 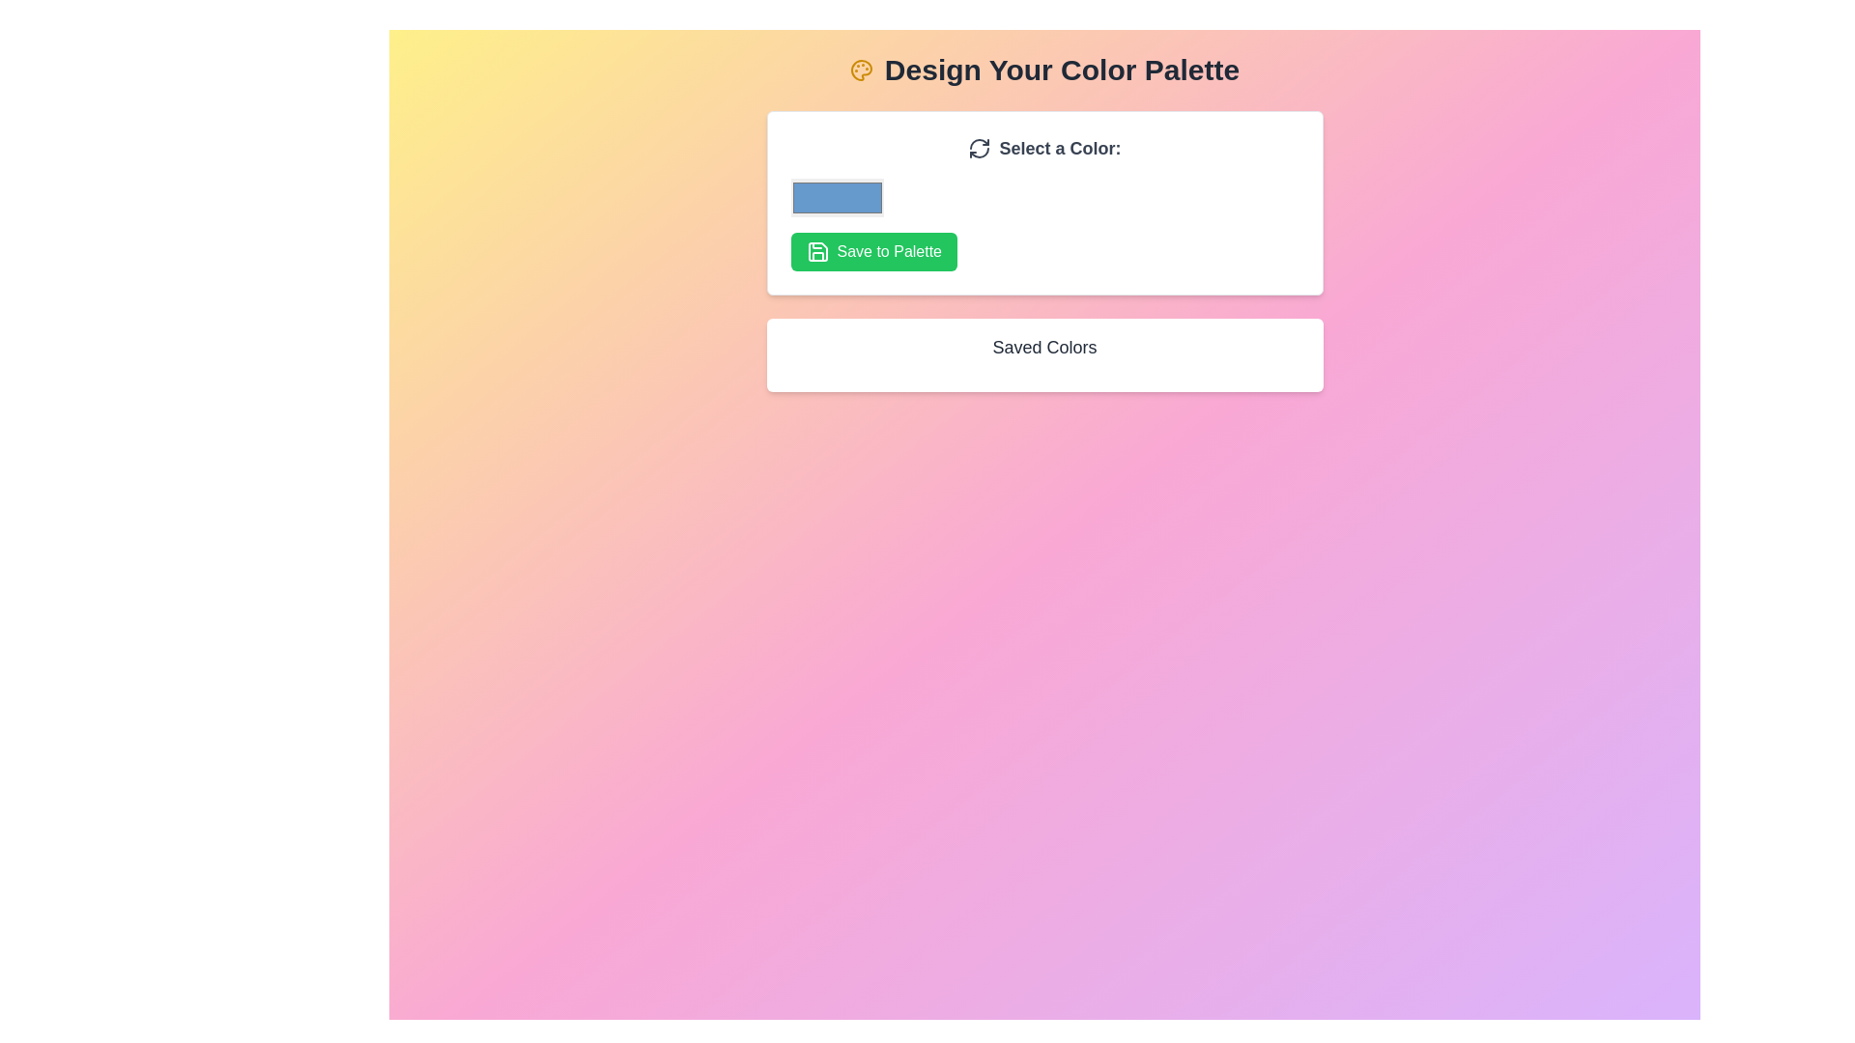 What do you see at coordinates (1043, 70) in the screenshot?
I see `the header section that indicates the theme and purpose of the application, which is designing color palettes` at bounding box center [1043, 70].